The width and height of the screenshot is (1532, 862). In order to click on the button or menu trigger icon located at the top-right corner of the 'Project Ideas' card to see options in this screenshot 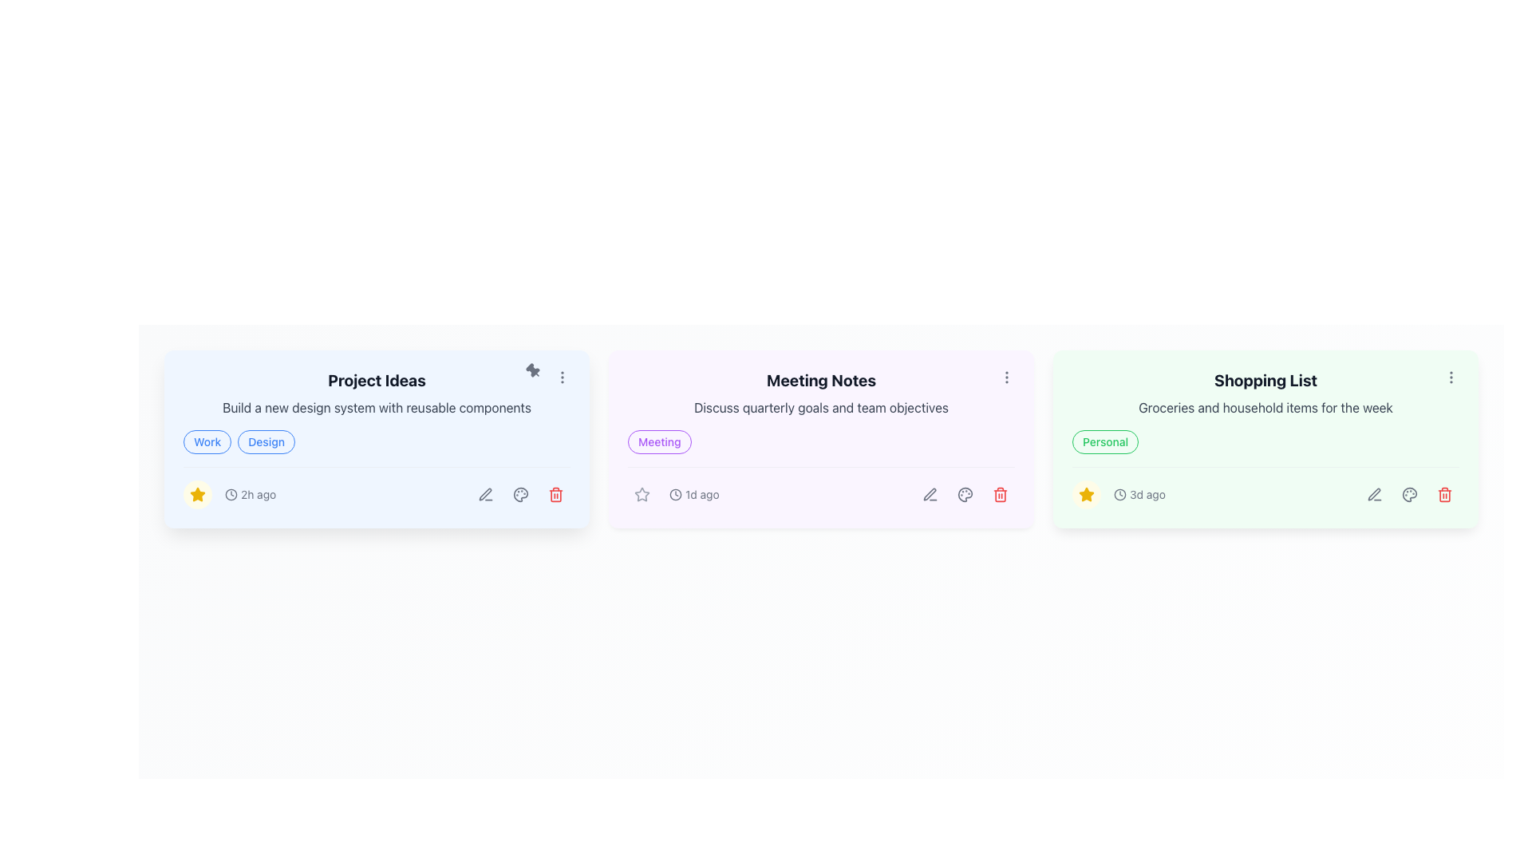, I will do `click(563, 378)`.